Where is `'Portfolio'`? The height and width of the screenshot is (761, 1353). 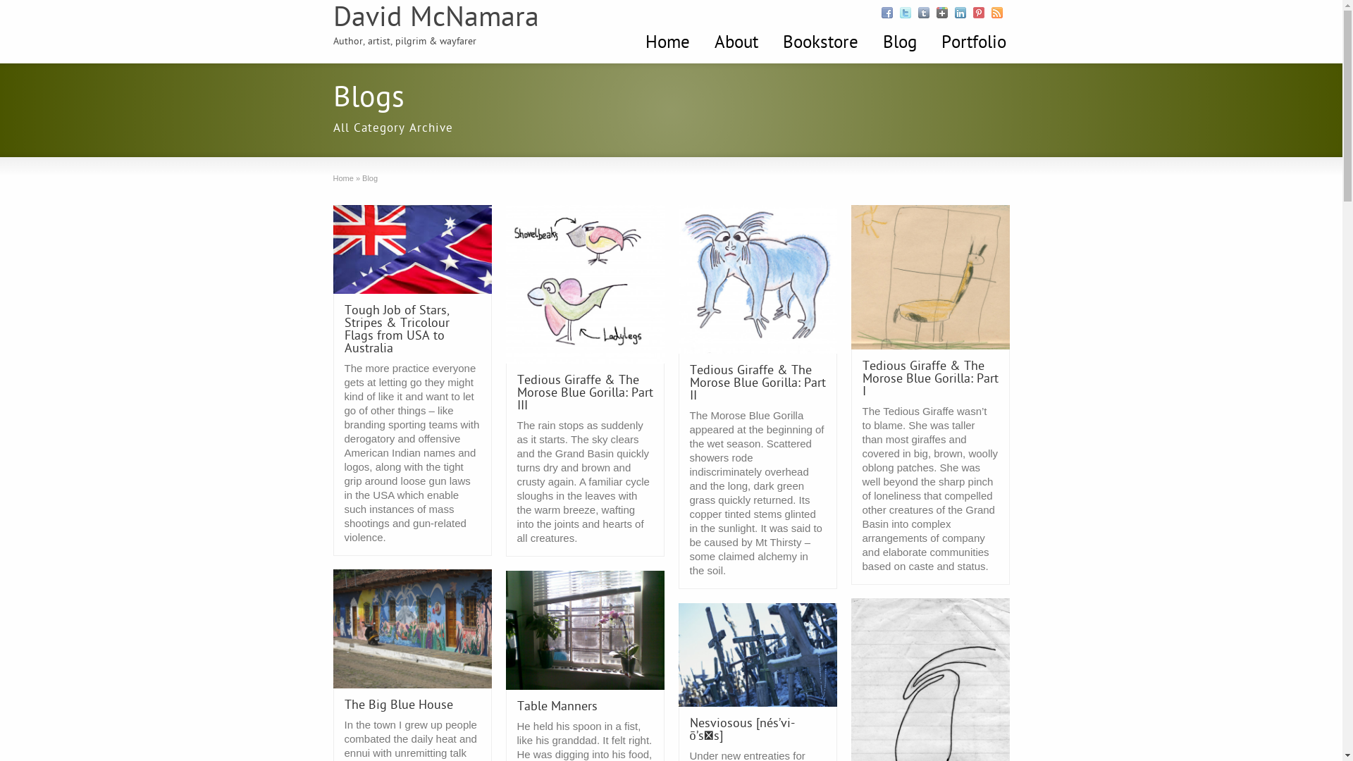
'Portfolio' is located at coordinates (972, 43).